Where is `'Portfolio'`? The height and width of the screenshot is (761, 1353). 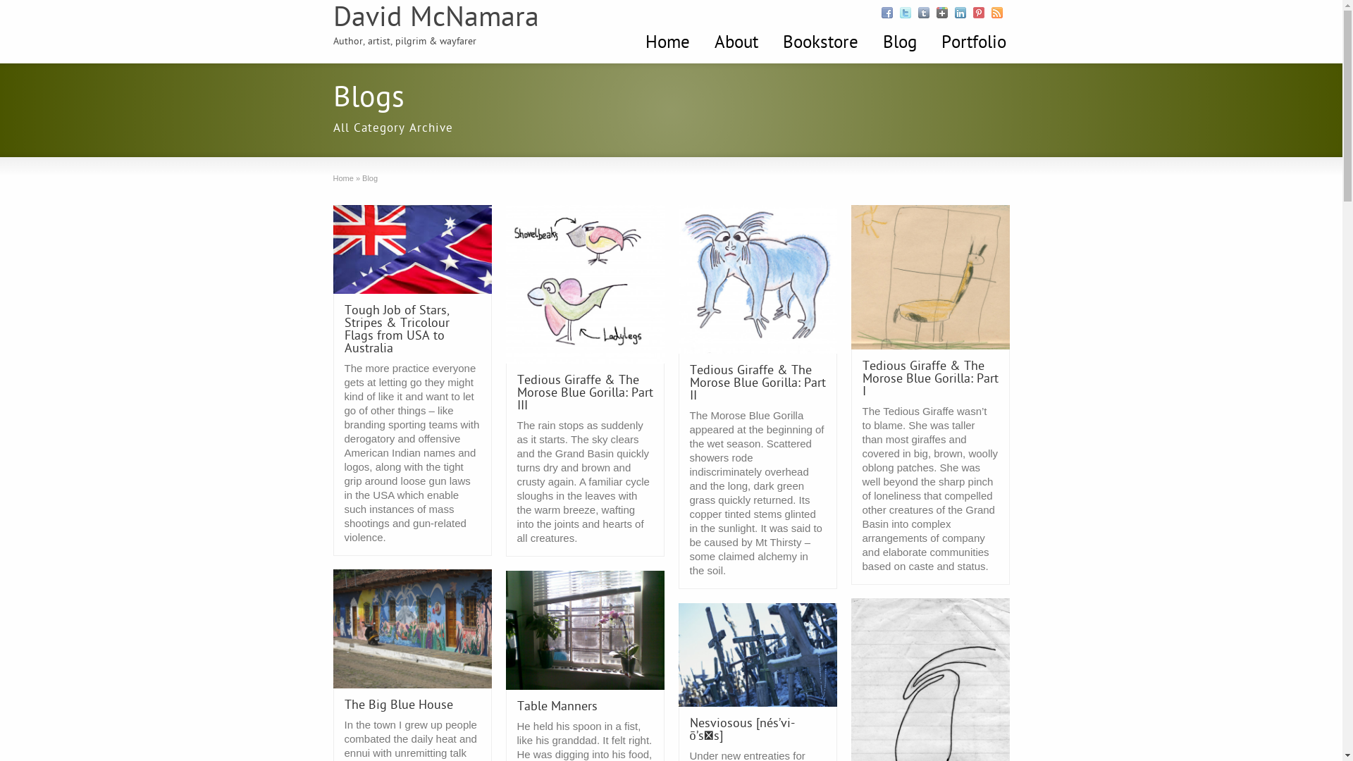
'Portfolio' is located at coordinates (972, 43).